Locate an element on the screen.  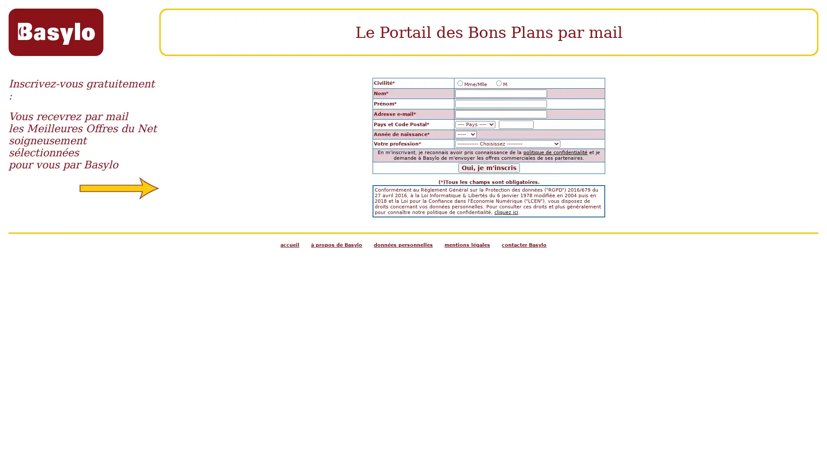
Oui, je m'inscris is located at coordinates (488, 167).